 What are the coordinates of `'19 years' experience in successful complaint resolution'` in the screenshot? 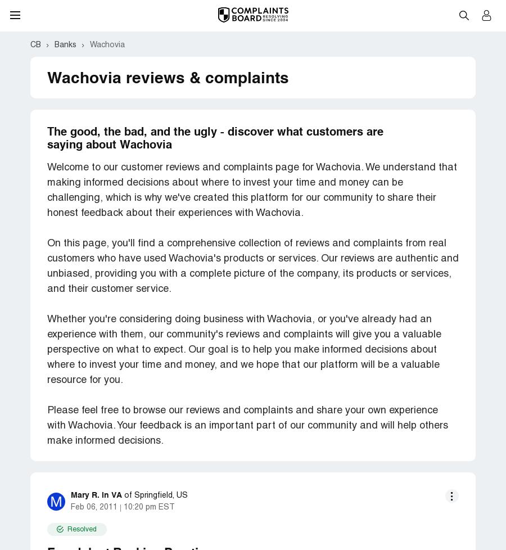 It's located at (174, 470).